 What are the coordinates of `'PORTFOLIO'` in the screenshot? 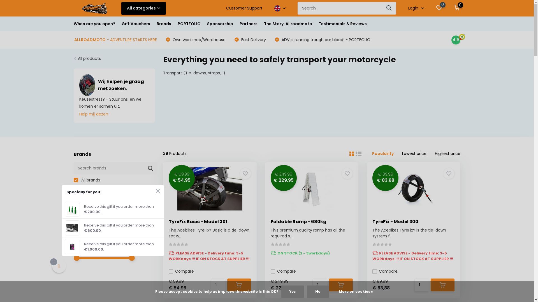 It's located at (189, 23).